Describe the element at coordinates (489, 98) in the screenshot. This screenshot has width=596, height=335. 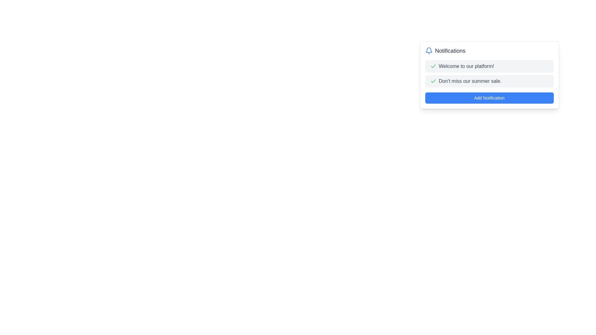
I see `the blue 'Add Notification' button with rounded corners located at the bottom of the notification card` at that location.